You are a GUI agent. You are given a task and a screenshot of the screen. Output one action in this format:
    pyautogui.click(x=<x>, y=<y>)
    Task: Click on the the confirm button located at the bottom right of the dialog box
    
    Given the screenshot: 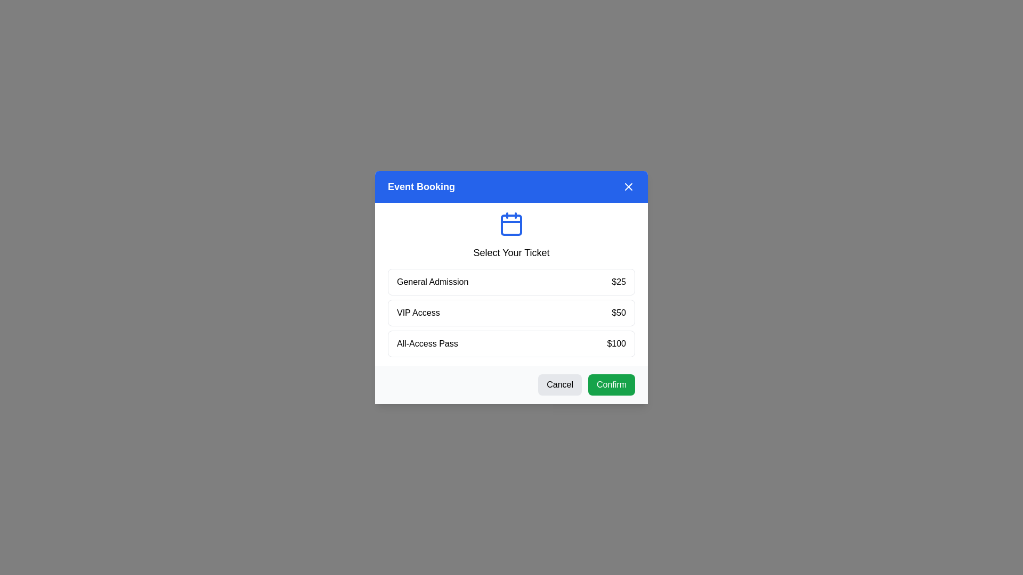 What is the action you would take?
    pyautogui.click(x=611, y=384)
    